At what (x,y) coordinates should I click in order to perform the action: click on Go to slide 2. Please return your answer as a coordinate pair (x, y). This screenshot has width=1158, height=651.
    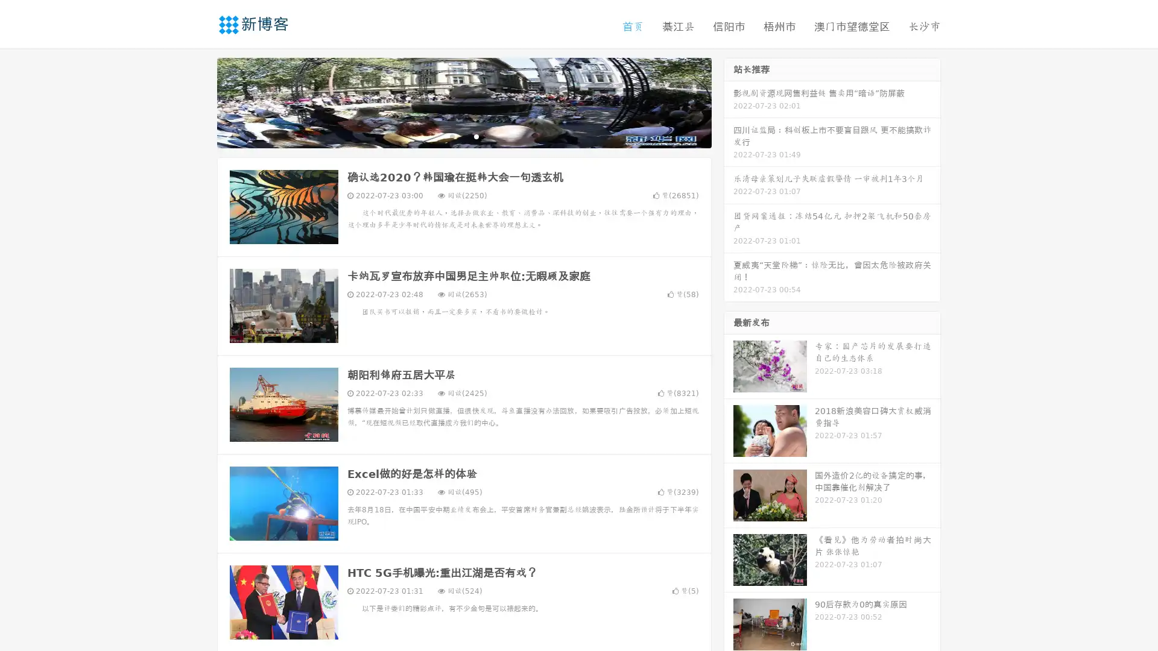
    Looking at the image, I should click on (463, 136).